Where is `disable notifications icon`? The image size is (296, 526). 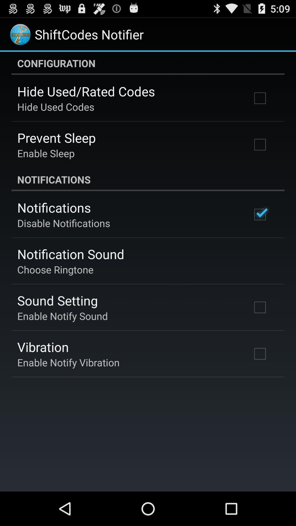 disable notifications icon is located at coordinates (63, 223).